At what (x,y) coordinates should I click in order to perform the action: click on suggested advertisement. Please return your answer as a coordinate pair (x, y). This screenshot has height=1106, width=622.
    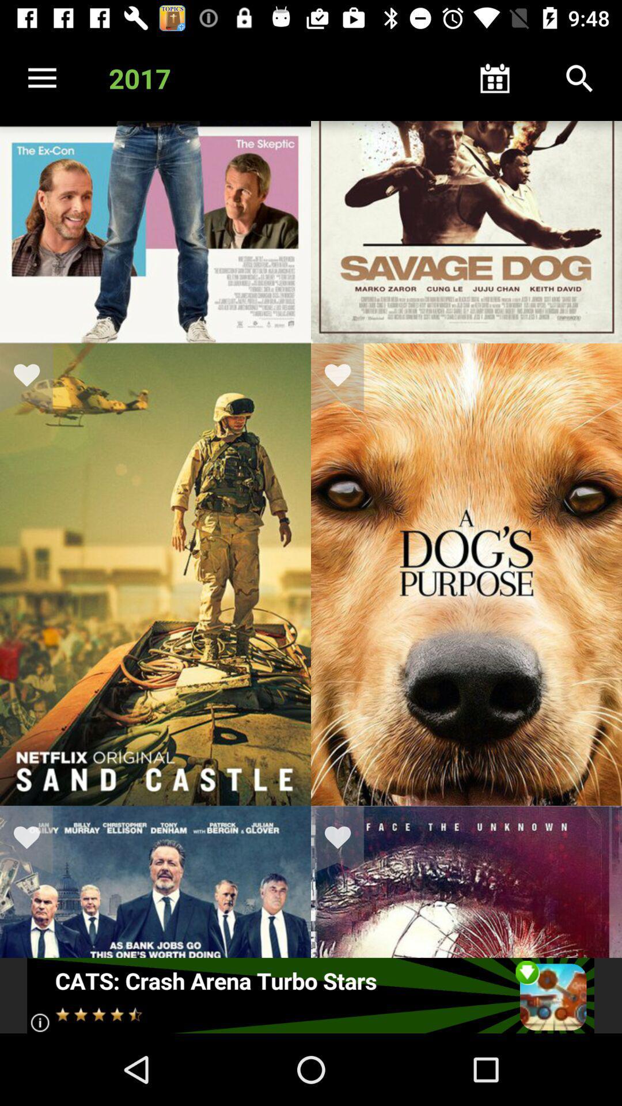
    Looking at the image, I should click on (310, 995).